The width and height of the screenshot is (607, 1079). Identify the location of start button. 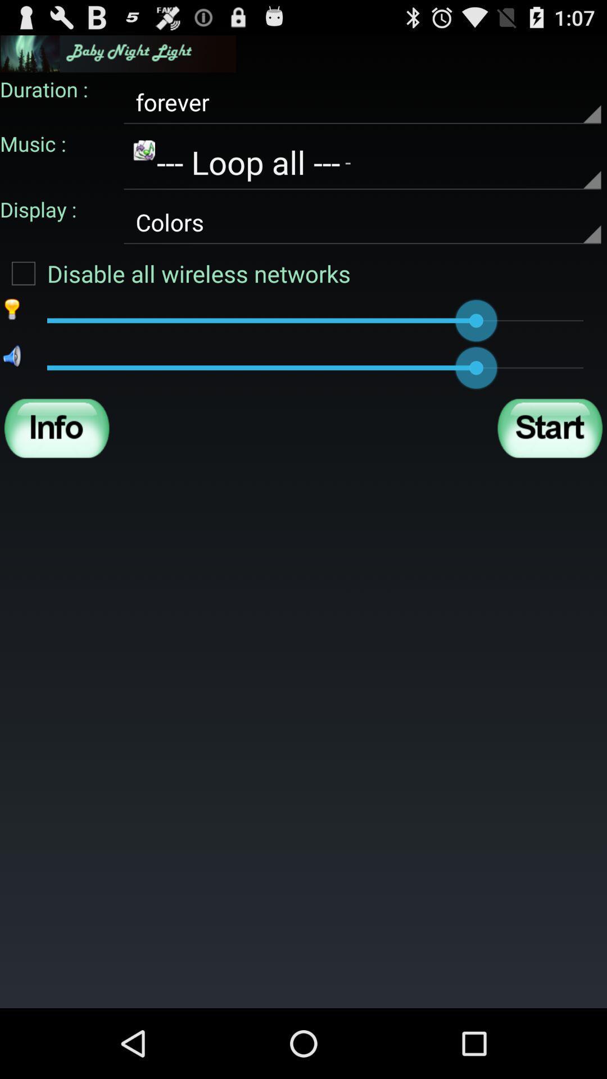
(549, 428).